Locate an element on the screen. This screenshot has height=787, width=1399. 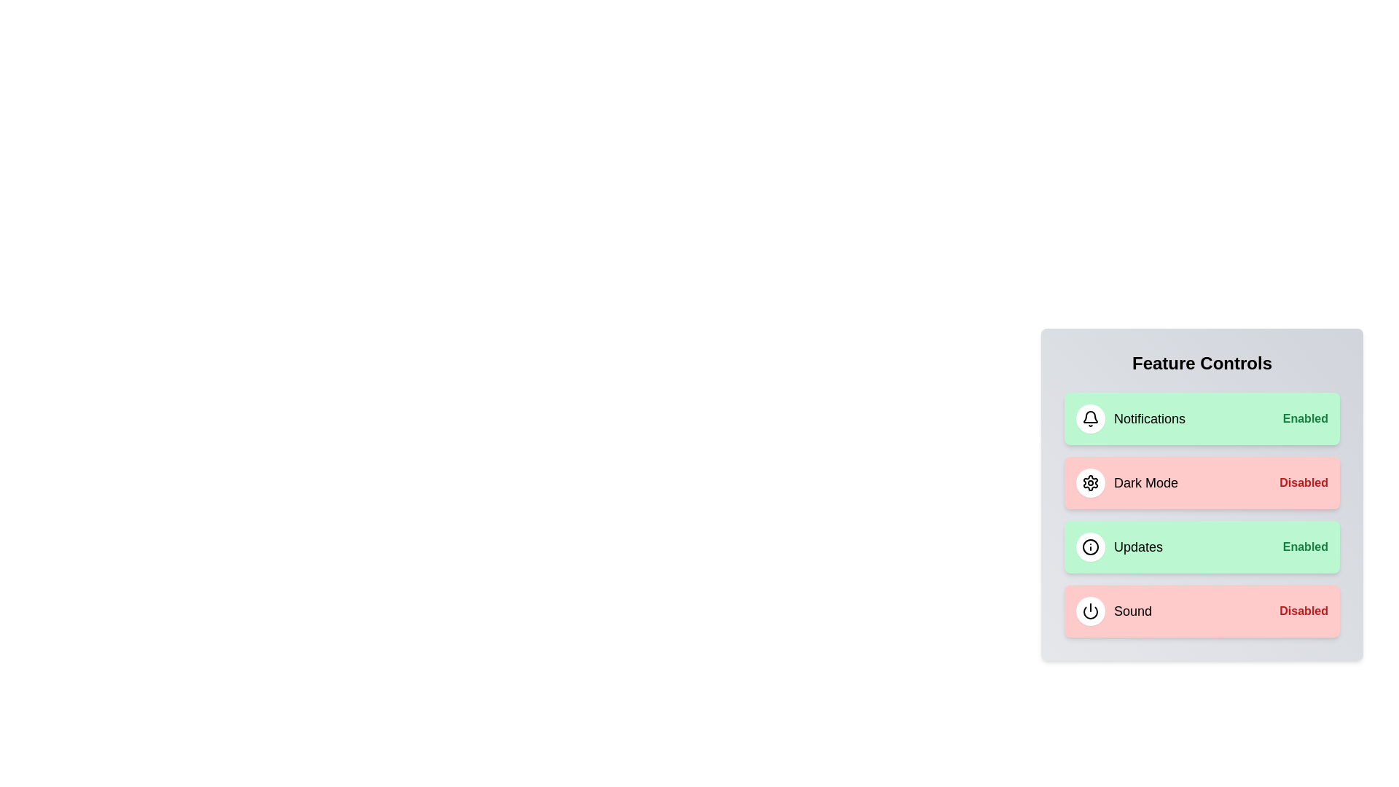
the feature Updates to trigger visual feedback is located at coordinates (1202, 547).